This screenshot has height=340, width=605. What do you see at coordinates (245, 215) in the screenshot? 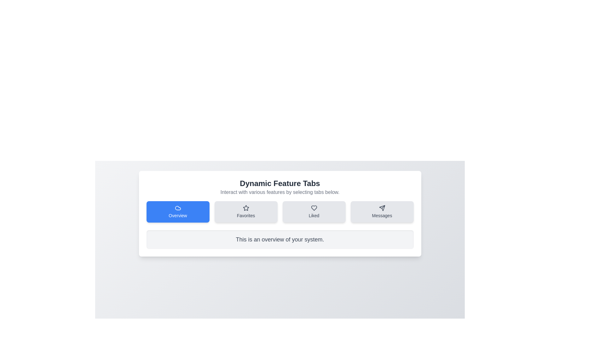
I see `the text label that indicates the purpose of the 'Favorites' tab, which is located beneath the star icon and between the 'Overview' and 'Liked' tabs` at bounding box center [245, 215].